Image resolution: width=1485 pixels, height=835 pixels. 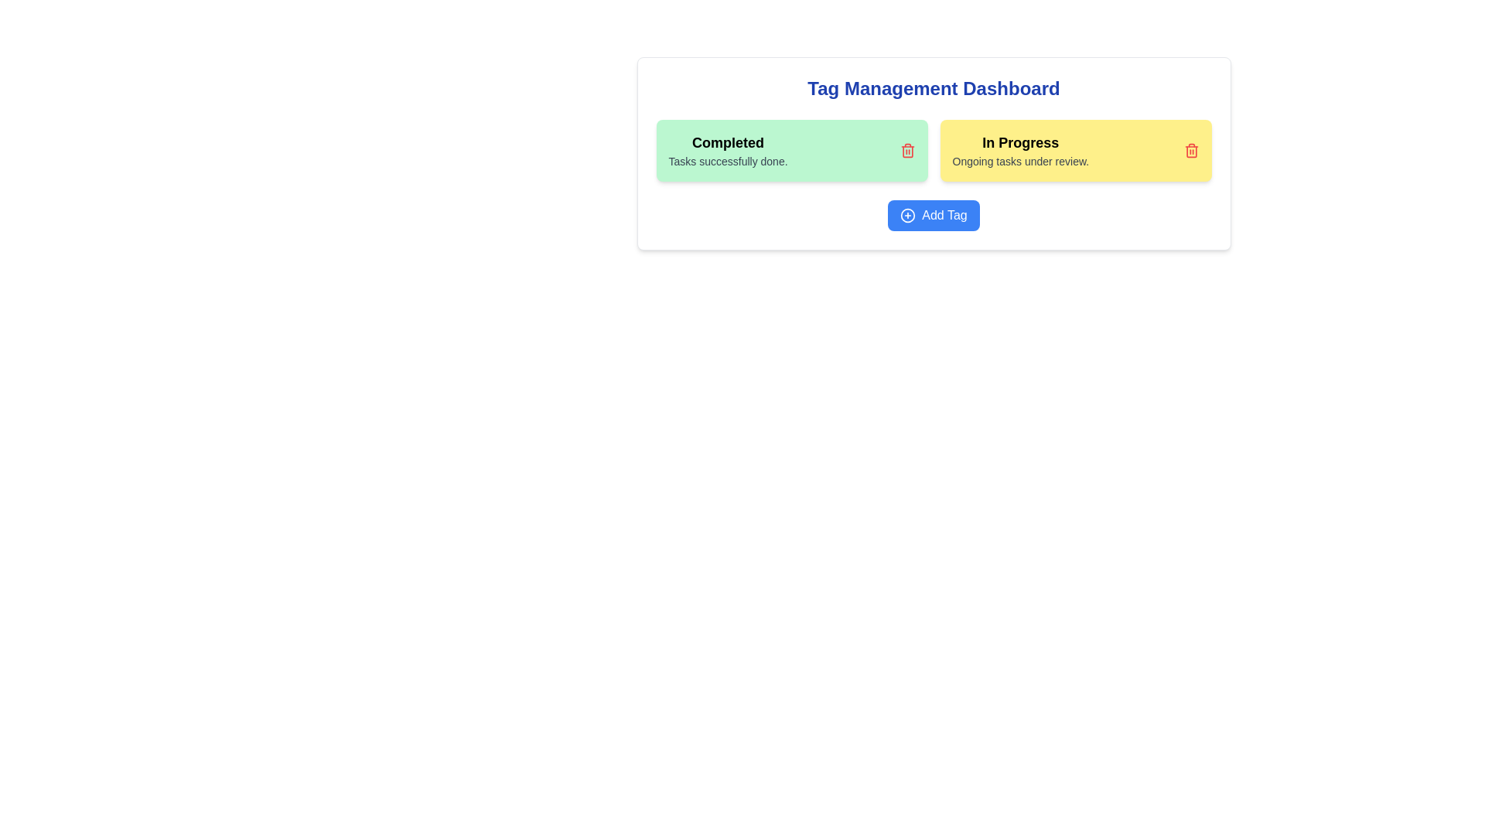 What do you see at coordinates (1075, 151) in the screenshot?
I see `the 'In Progress' status indicator card located on the right side of the layout, under 'Tag Management Dashboard'` at bounding box center [1075, 151].